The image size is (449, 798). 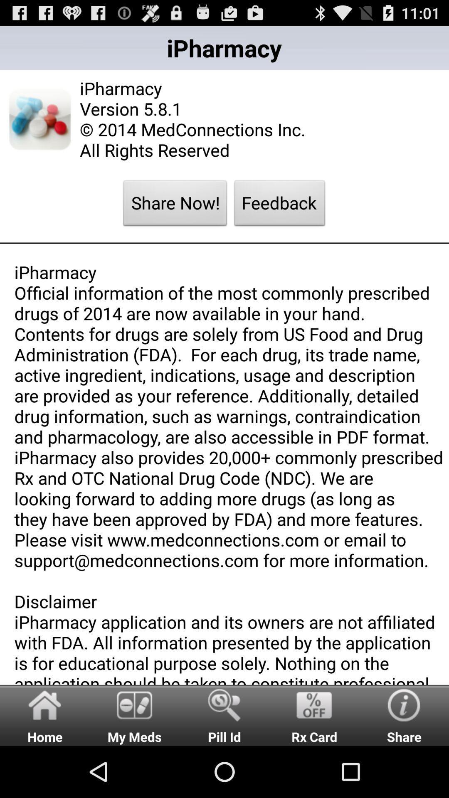 What do you see at coordinates (175, 205) in the screenshot?
I see `share now` at bounding box center [175, 205].